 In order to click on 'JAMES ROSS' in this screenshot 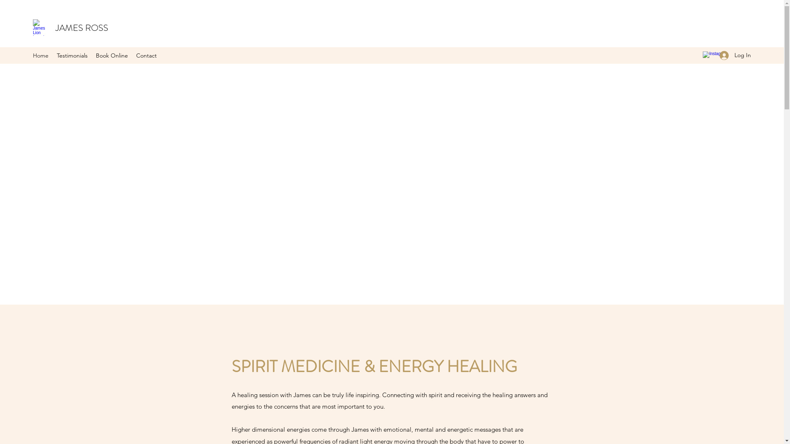, I will do `click(81, 27)`.